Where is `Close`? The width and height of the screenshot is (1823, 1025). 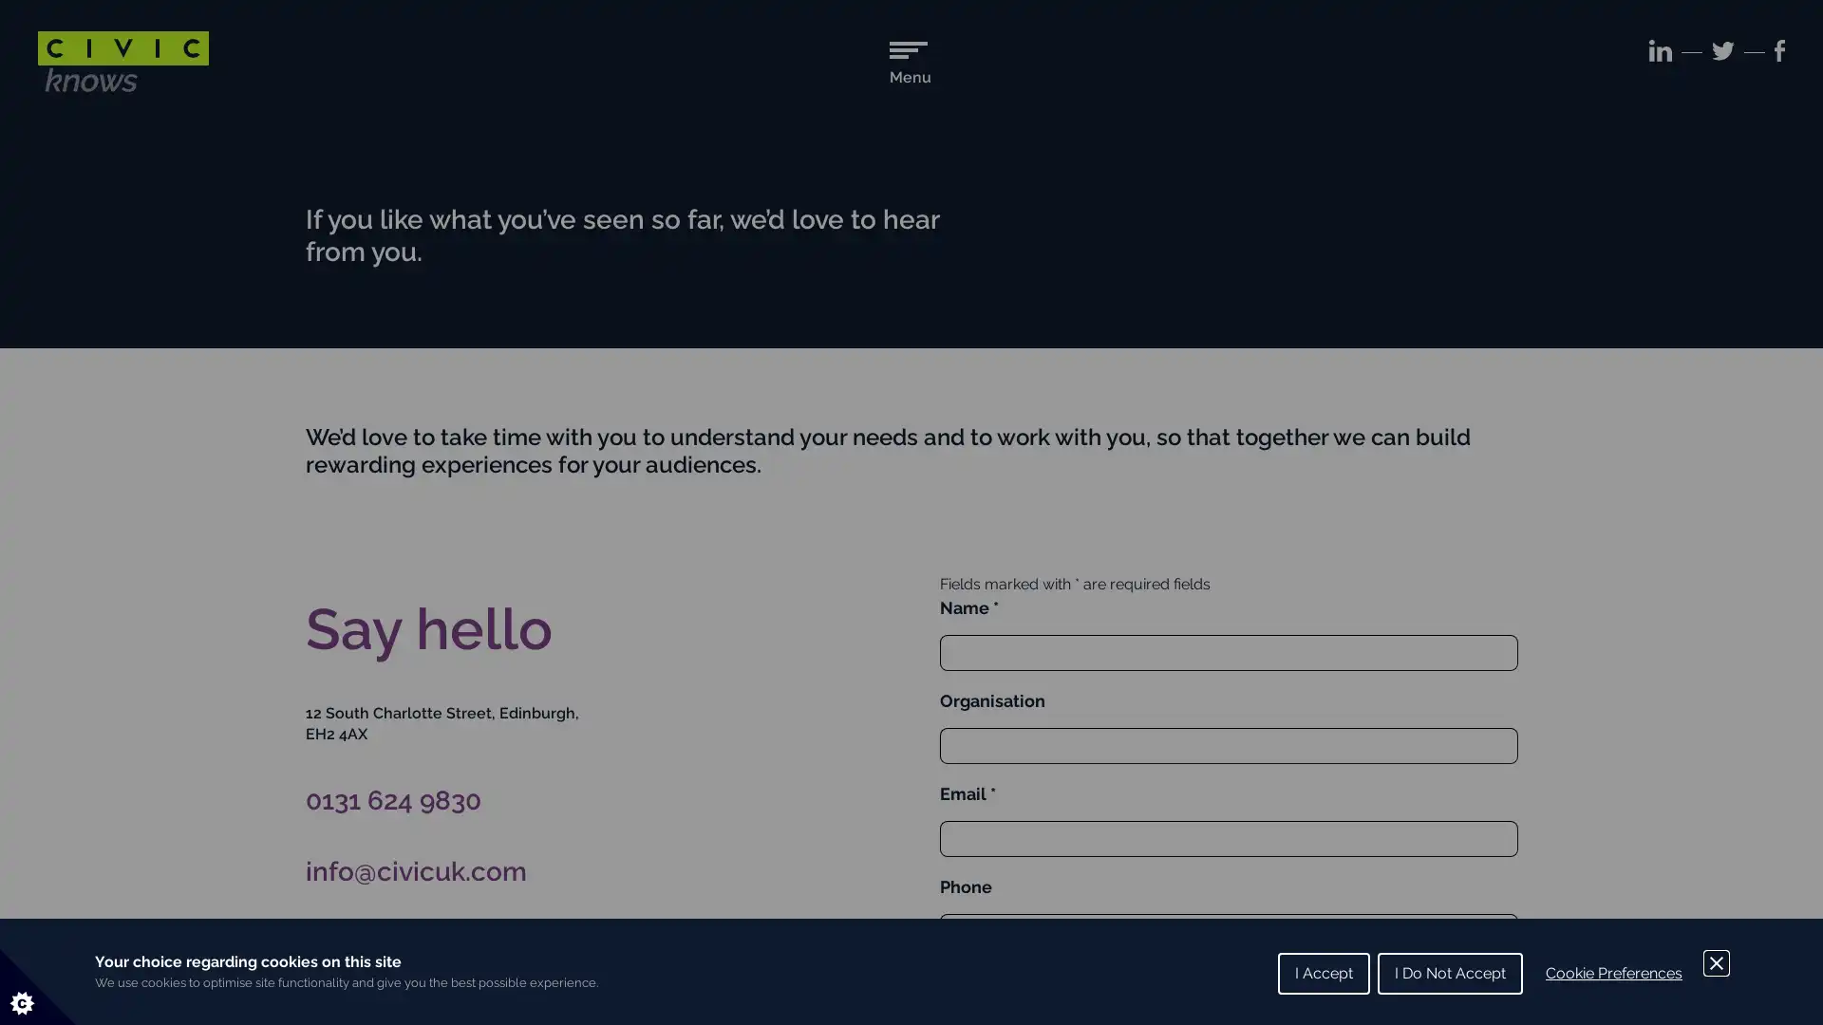
Close is located at coordinates (1717, 962).